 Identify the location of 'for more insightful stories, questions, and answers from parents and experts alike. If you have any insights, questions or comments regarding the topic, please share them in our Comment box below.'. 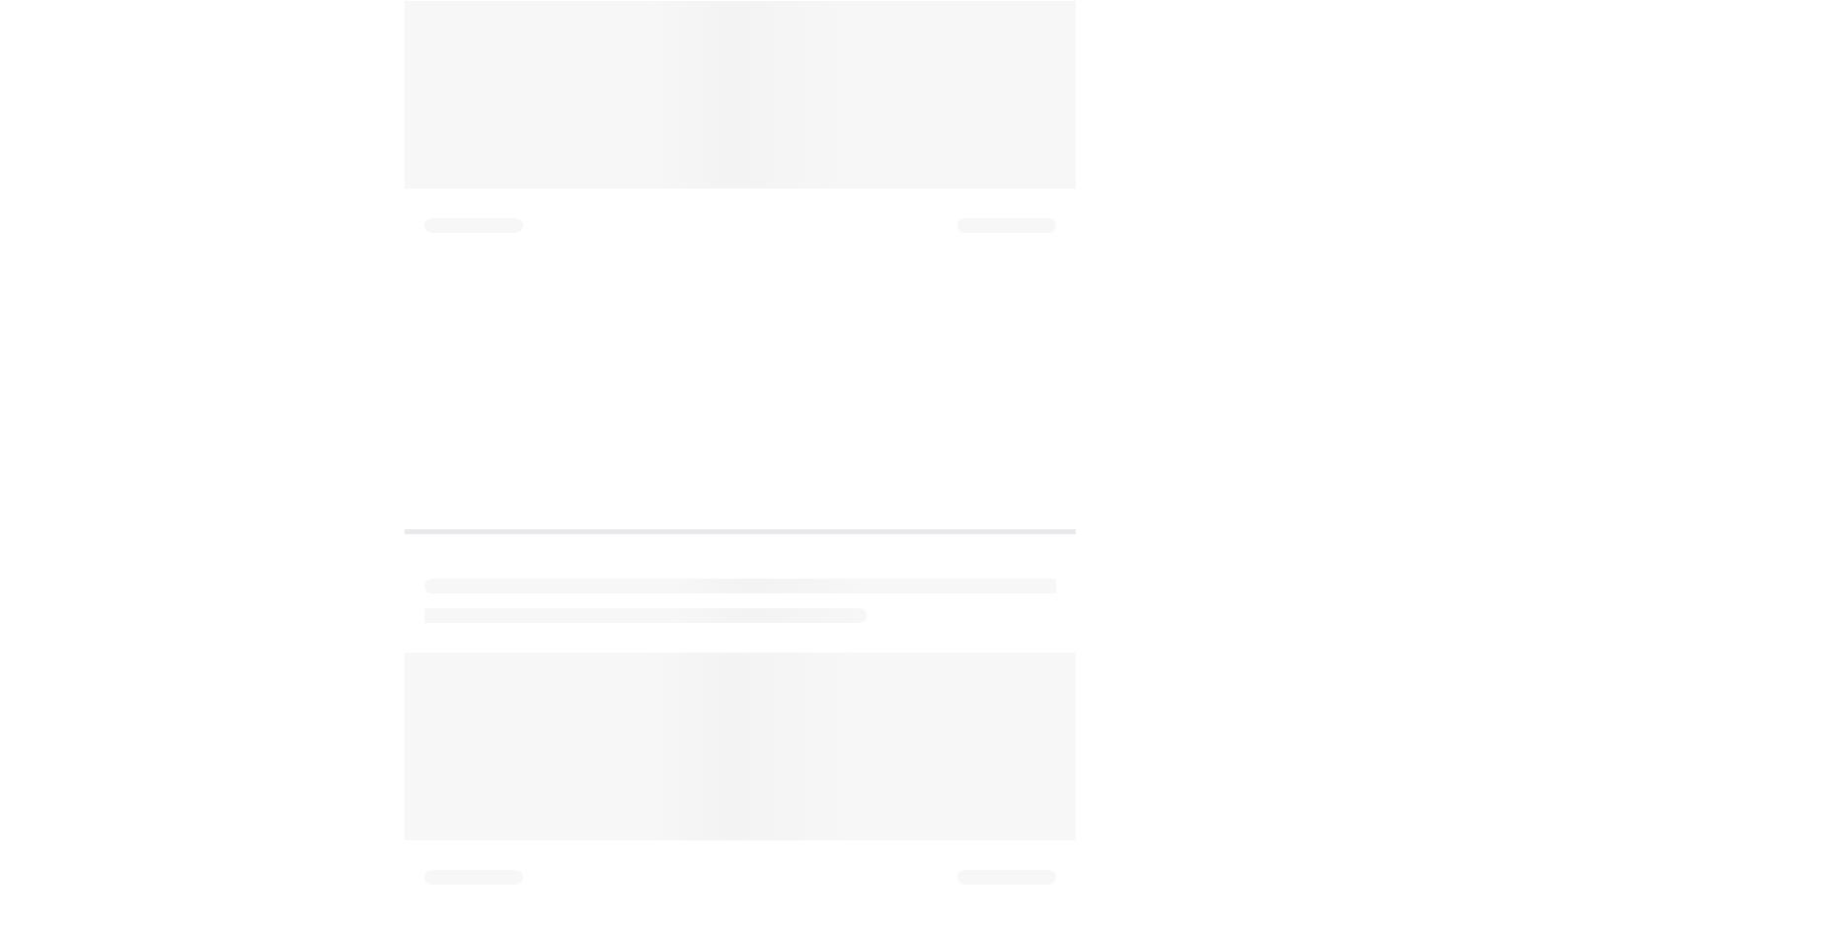
(422, 241).